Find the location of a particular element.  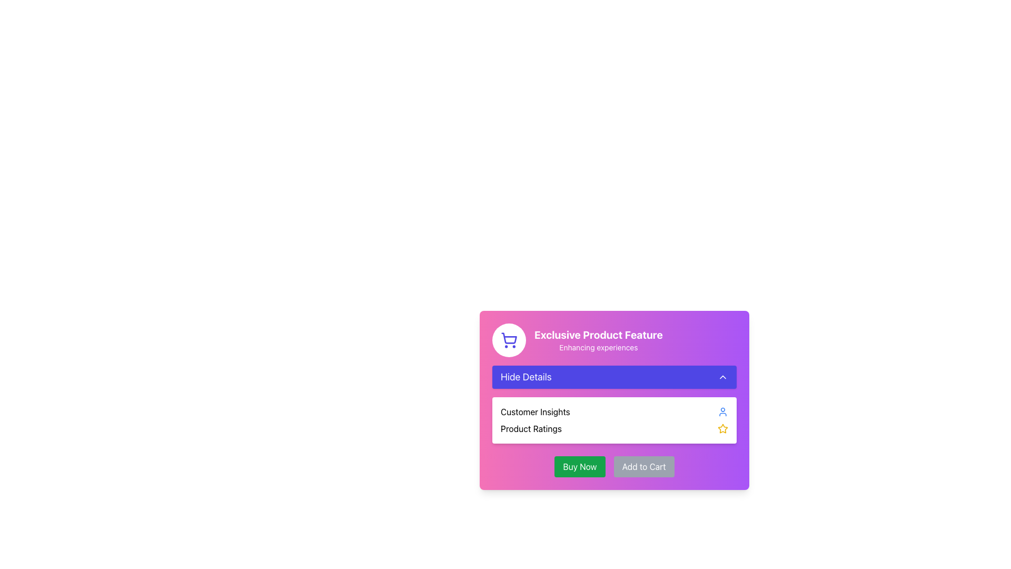

the interactive label located on the left side of the horizontally aligned bar near the top-middle part of the panel is located at coordinates (526, 377).